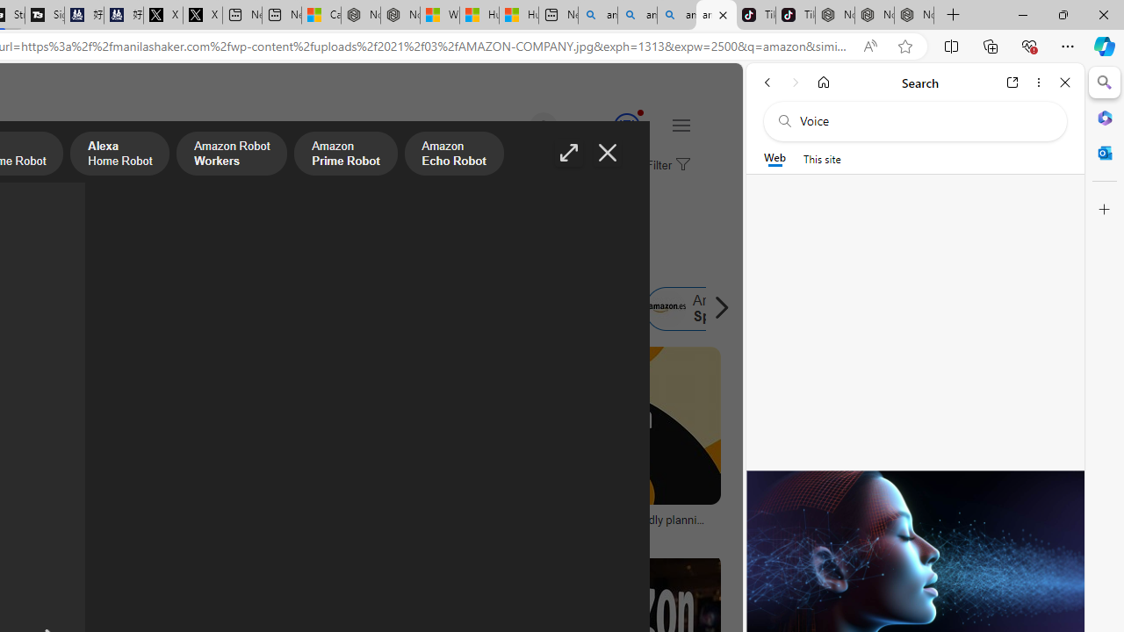 The height and width of the screenshot is (632, 1124). What do you see at coordinates (666, 308) in the screenshot?
I see `'Amazon Spain'` at bounding box center [666, 308].